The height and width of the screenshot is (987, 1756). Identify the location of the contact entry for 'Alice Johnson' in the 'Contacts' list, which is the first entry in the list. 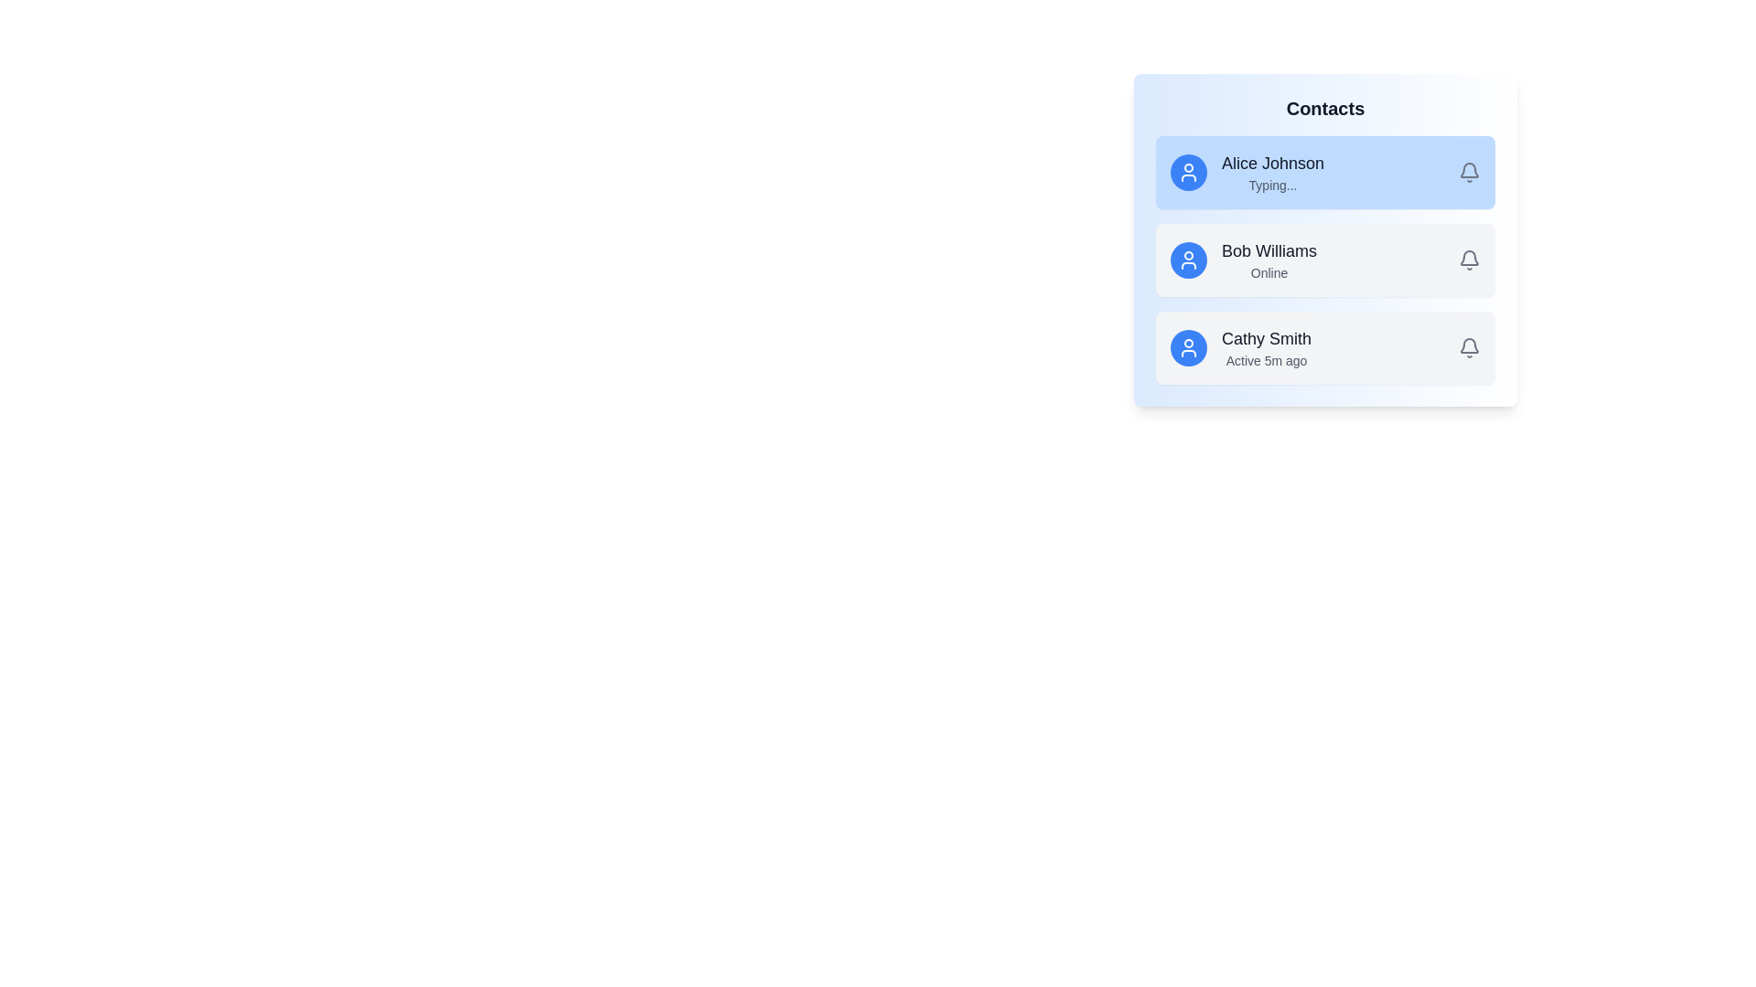
(1325, 173).